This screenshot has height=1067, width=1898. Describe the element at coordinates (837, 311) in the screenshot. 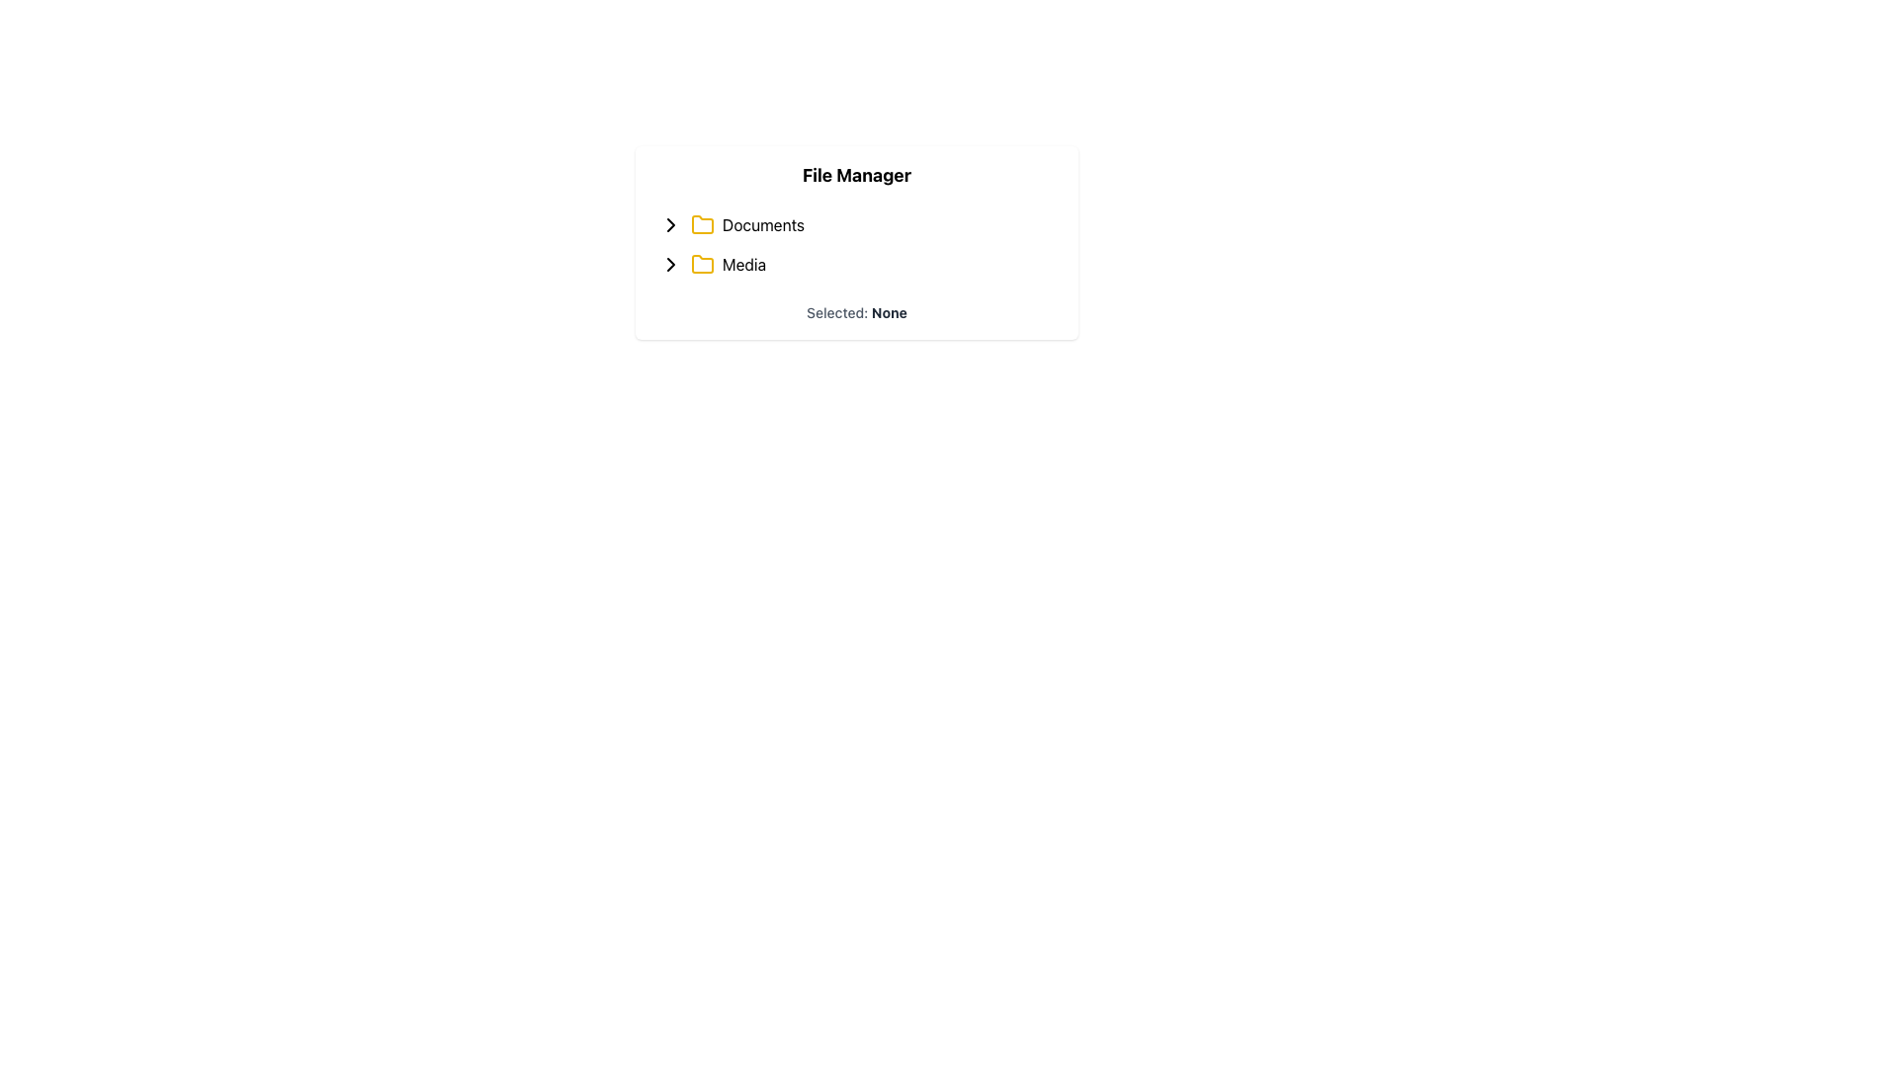

I see `the Text Label that indicates the selected item or state in the interface, located at the lower portion of the white card labeled 'File Manager'` at that location.